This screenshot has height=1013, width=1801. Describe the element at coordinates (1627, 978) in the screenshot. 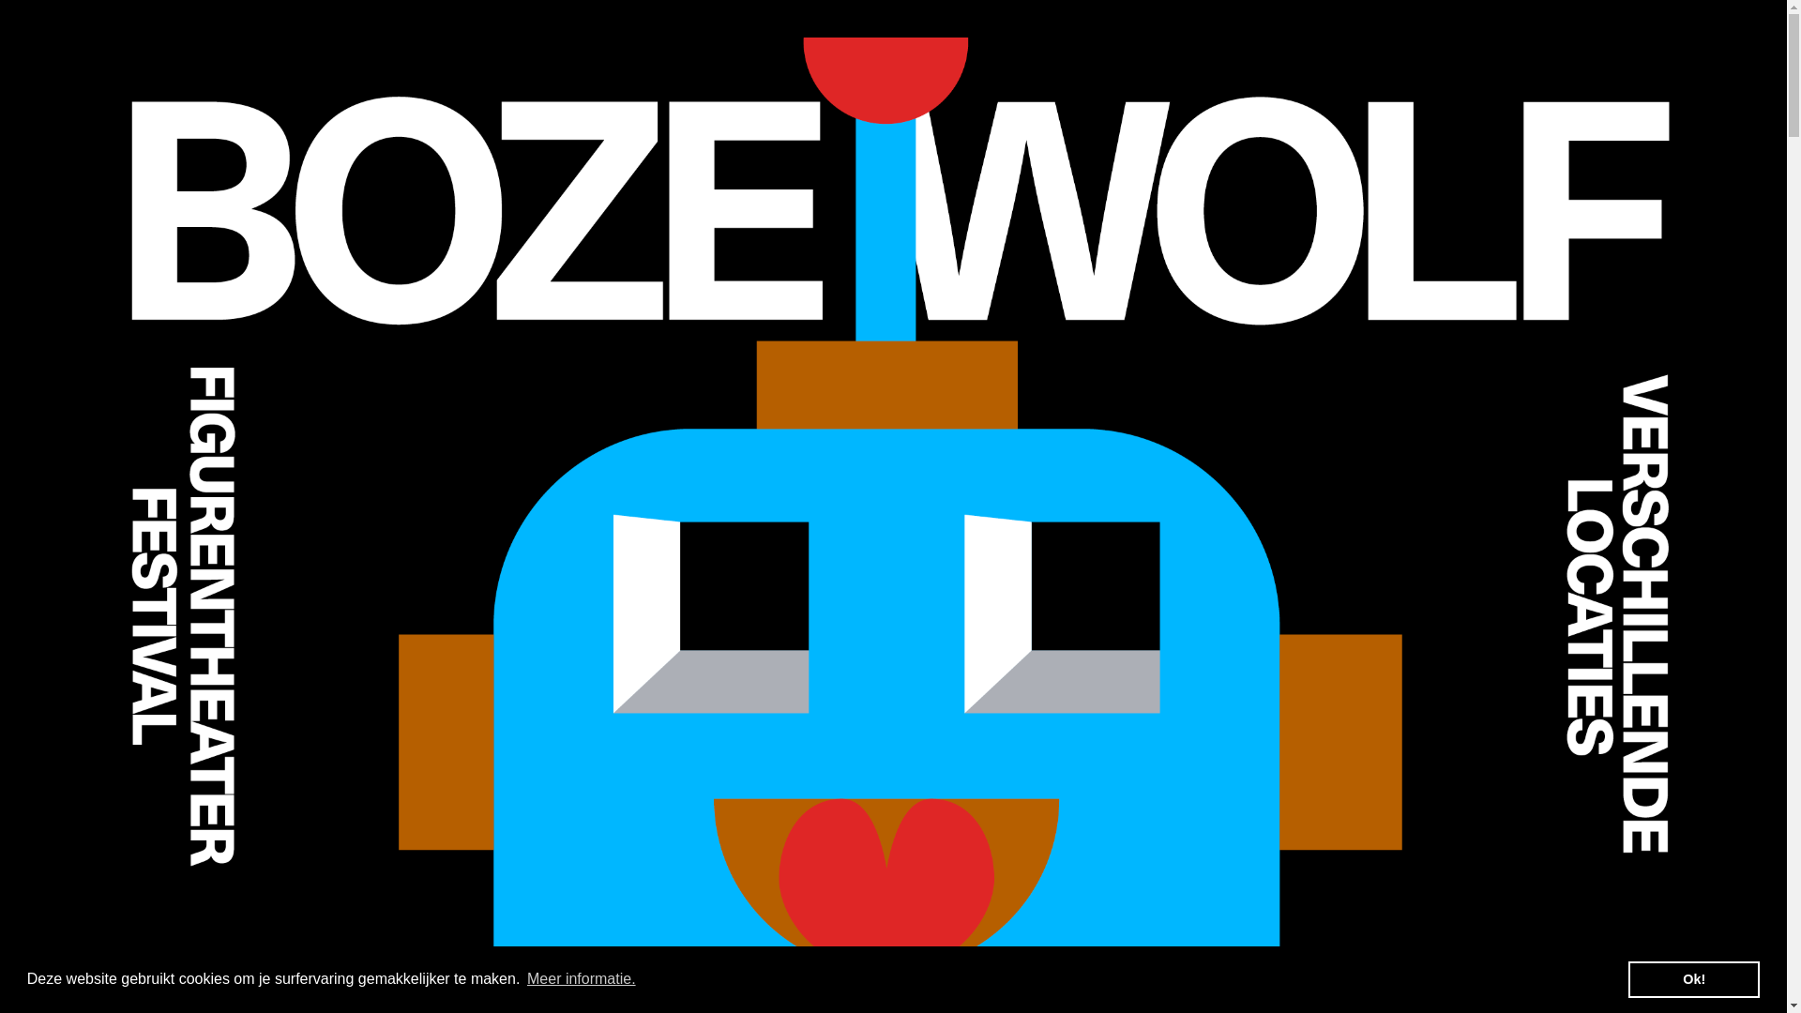

I see `'Ok!'` at that location.